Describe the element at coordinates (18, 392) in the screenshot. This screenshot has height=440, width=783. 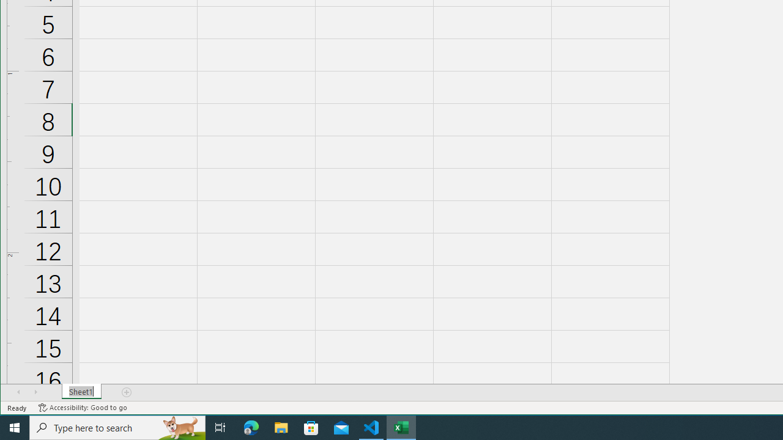
I see `'Scroll Left'` at that location.